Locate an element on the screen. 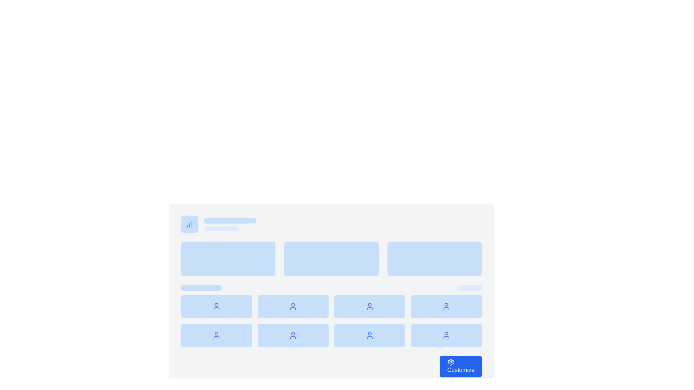 The width and height of the screenshot is (694, 390). the user-related functionality placeholder located in the bottom row of a four-column grid layout, specifically the second element from the left is located at coordinates (293, 335).